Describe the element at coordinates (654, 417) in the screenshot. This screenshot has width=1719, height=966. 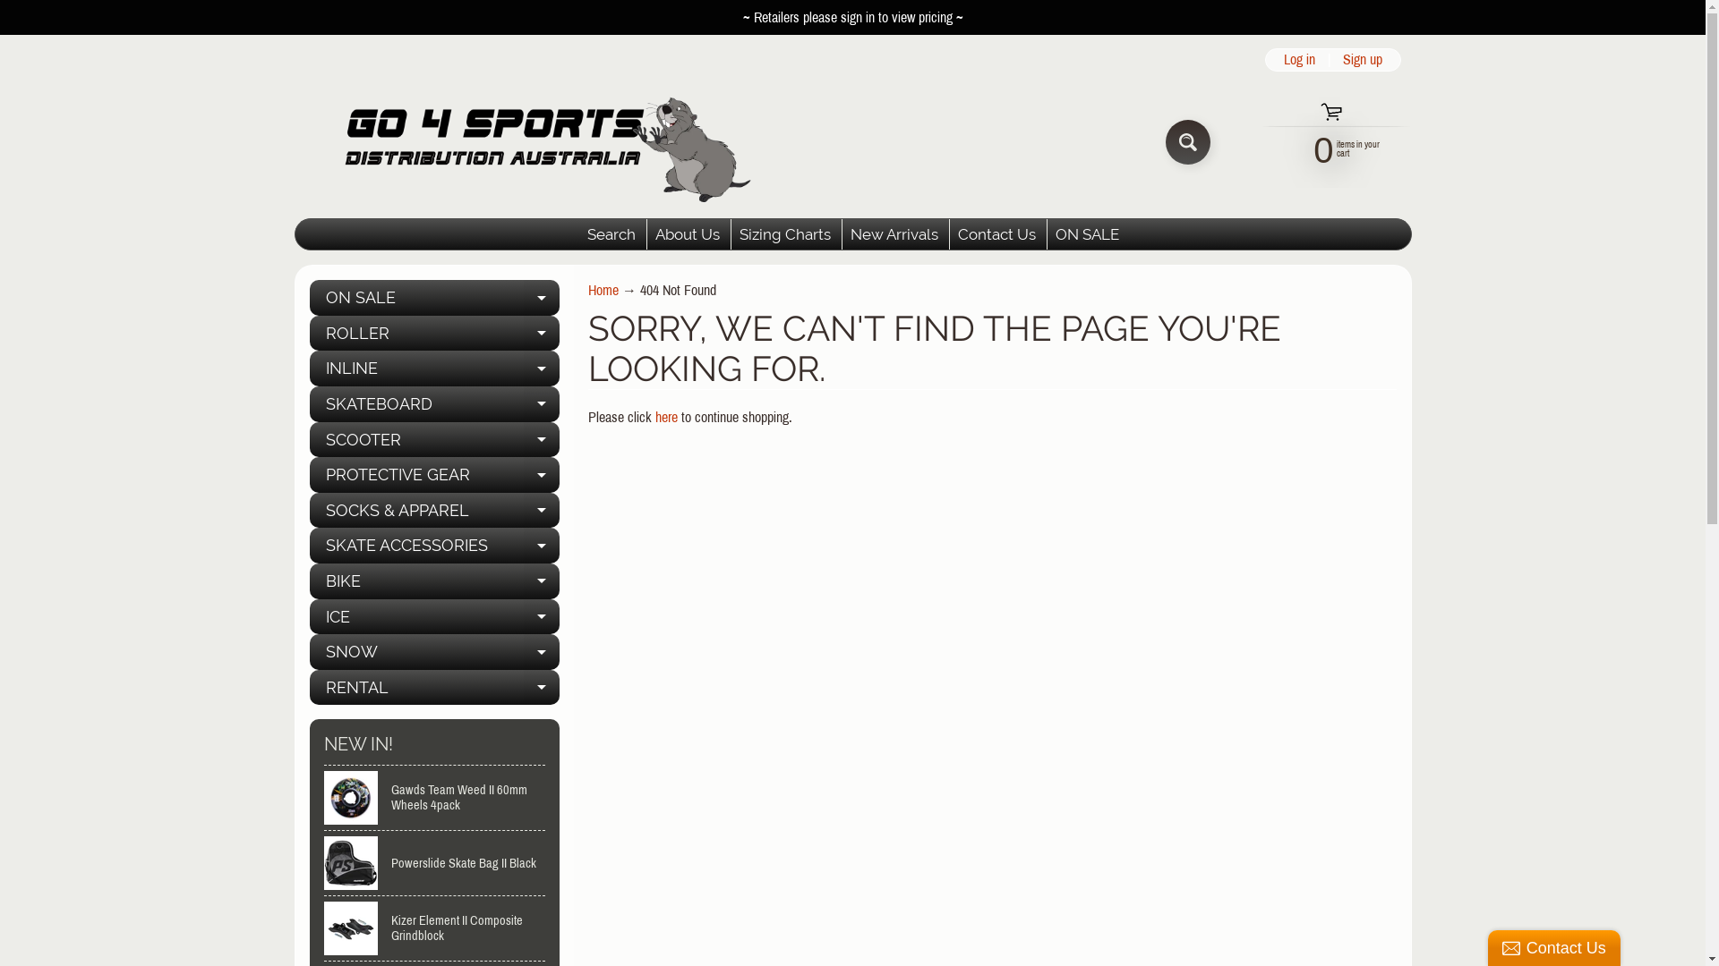
I see `'here'` at that location.